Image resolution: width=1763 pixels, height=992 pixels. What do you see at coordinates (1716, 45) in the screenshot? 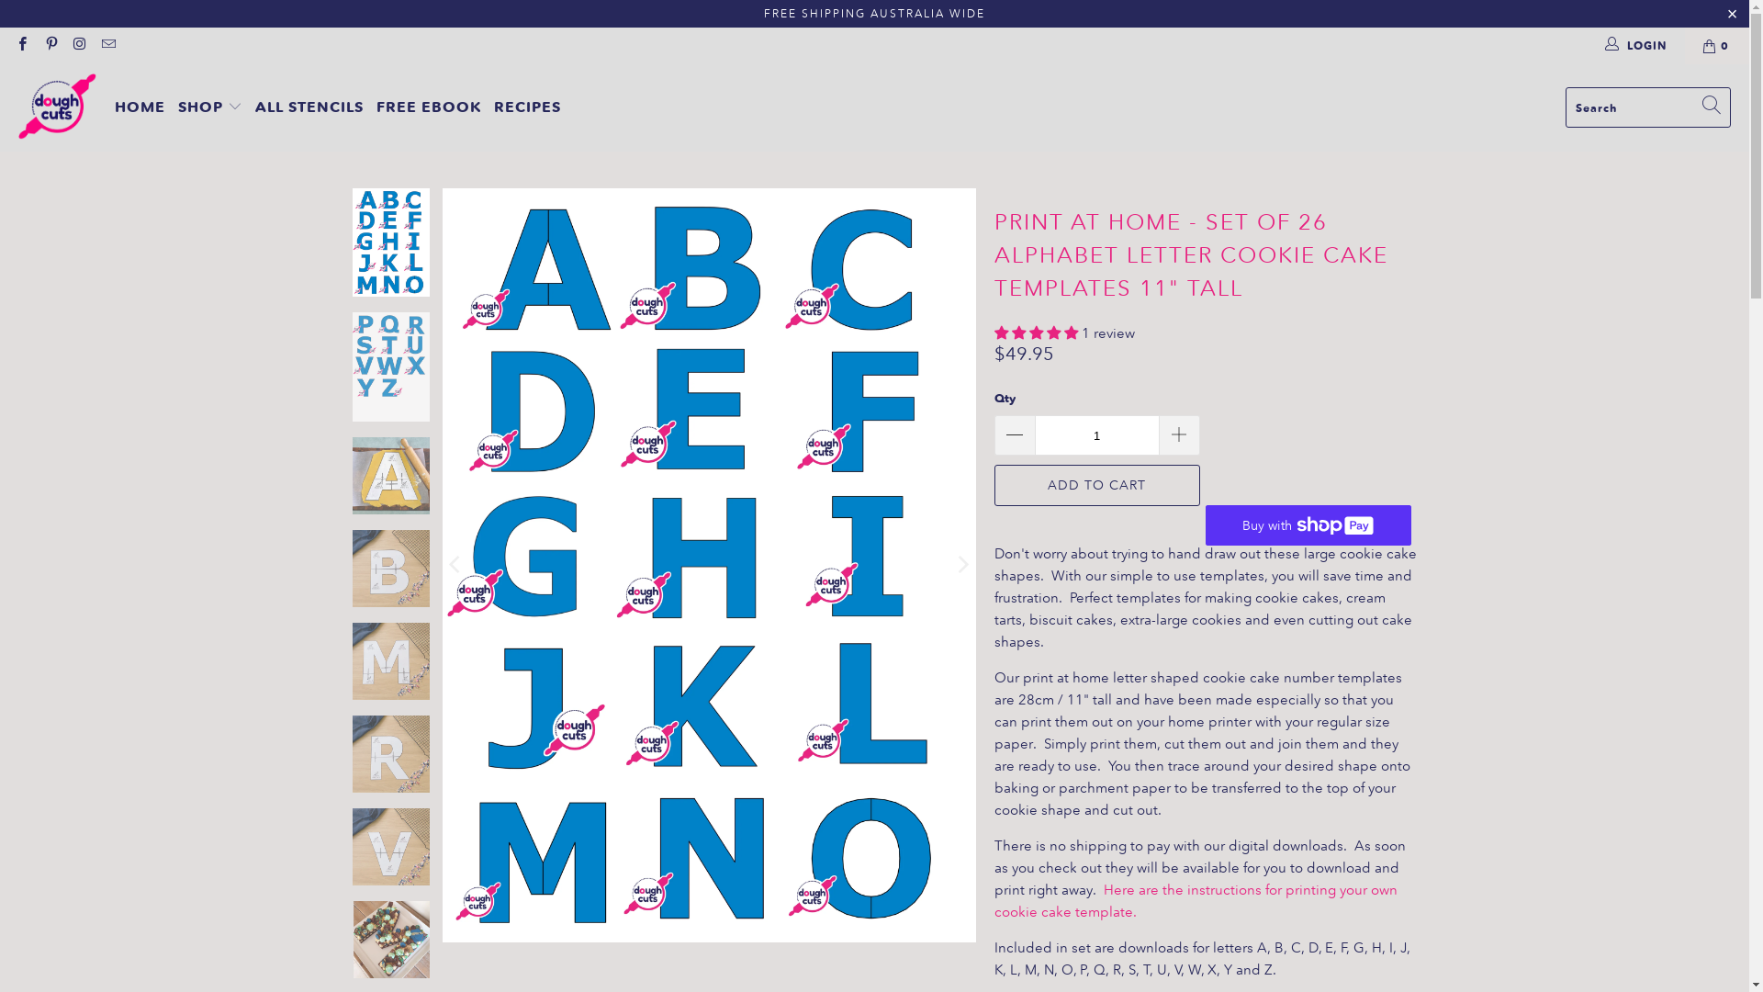
I see `'0'` at bounding box center [1716, 45].